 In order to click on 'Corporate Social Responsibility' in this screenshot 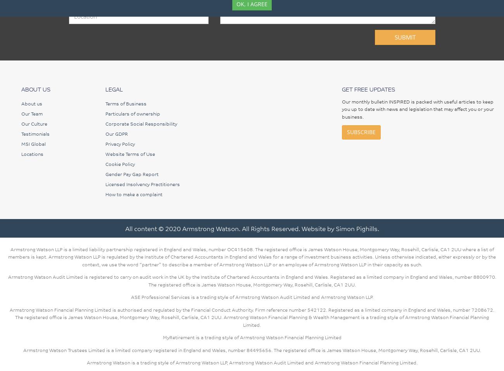, I will do `click(140, 123)`.